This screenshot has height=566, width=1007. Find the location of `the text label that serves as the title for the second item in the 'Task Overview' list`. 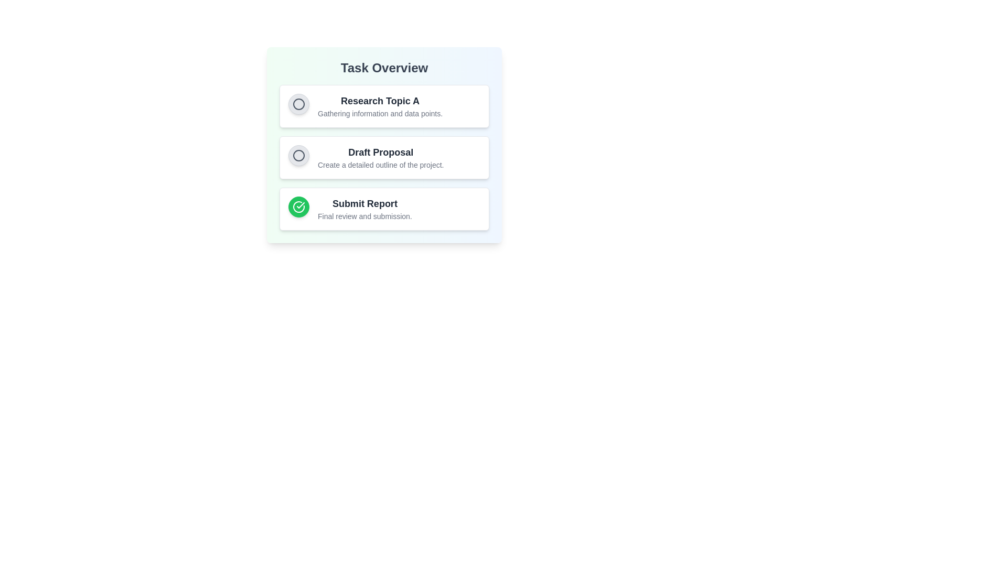

the text label that serves as the title for the second item in the 'Task Overview' list is located at coordinates (380, 152).